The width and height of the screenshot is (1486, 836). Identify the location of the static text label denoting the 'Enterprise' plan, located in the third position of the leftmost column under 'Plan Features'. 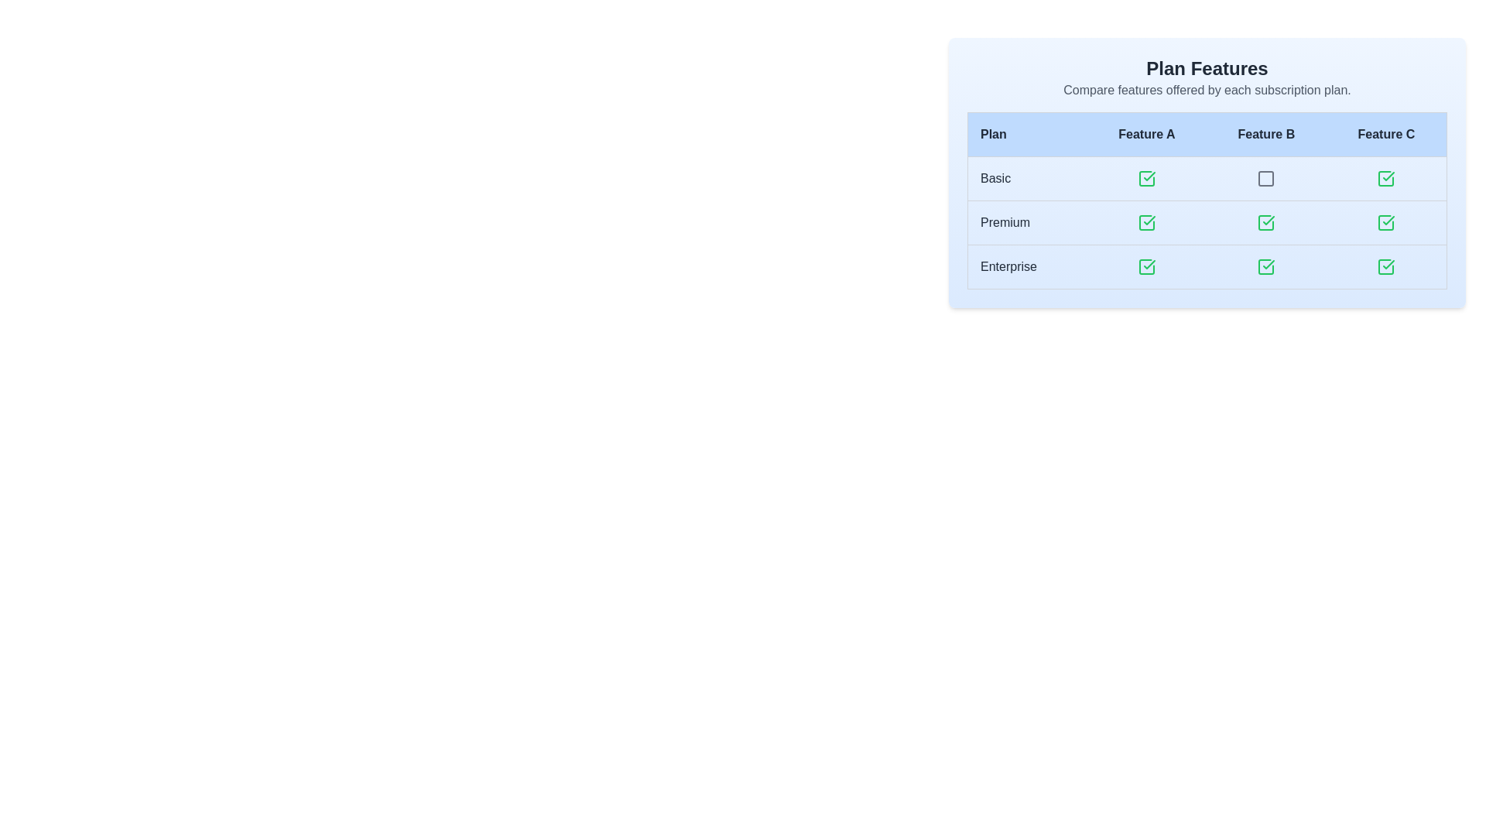
(1027, 266).